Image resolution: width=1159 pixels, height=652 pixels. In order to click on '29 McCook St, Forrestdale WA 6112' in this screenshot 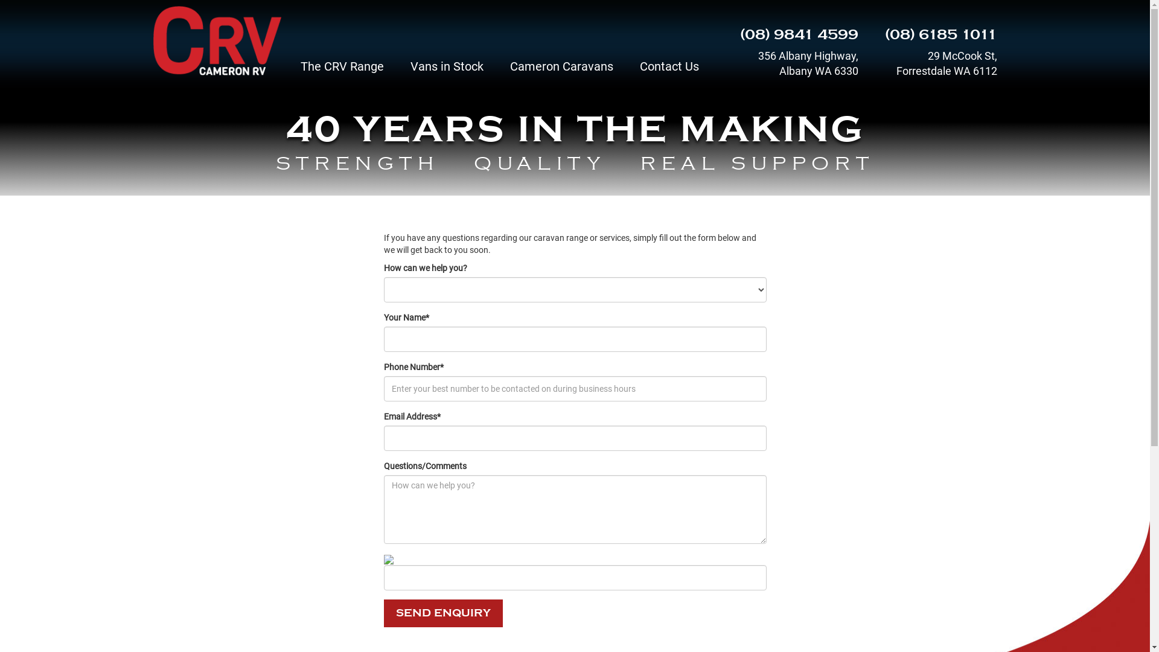, I will do `click(936, 63)`.